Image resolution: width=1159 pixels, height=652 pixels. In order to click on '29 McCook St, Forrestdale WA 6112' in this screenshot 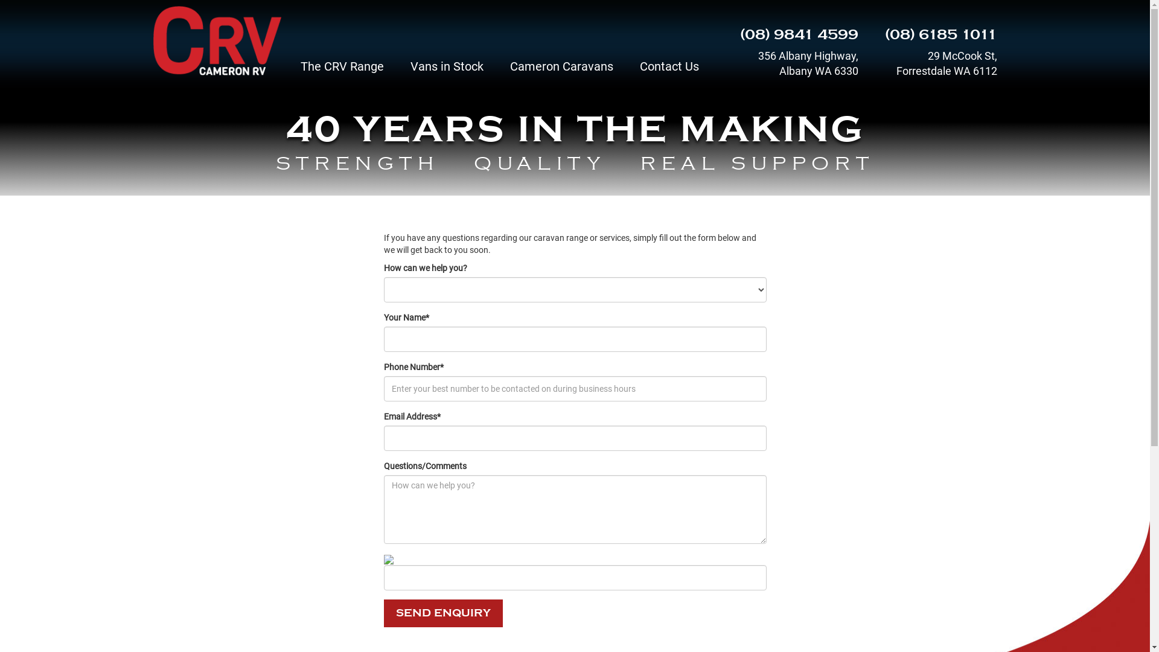, I will do `click(936, 63)`.